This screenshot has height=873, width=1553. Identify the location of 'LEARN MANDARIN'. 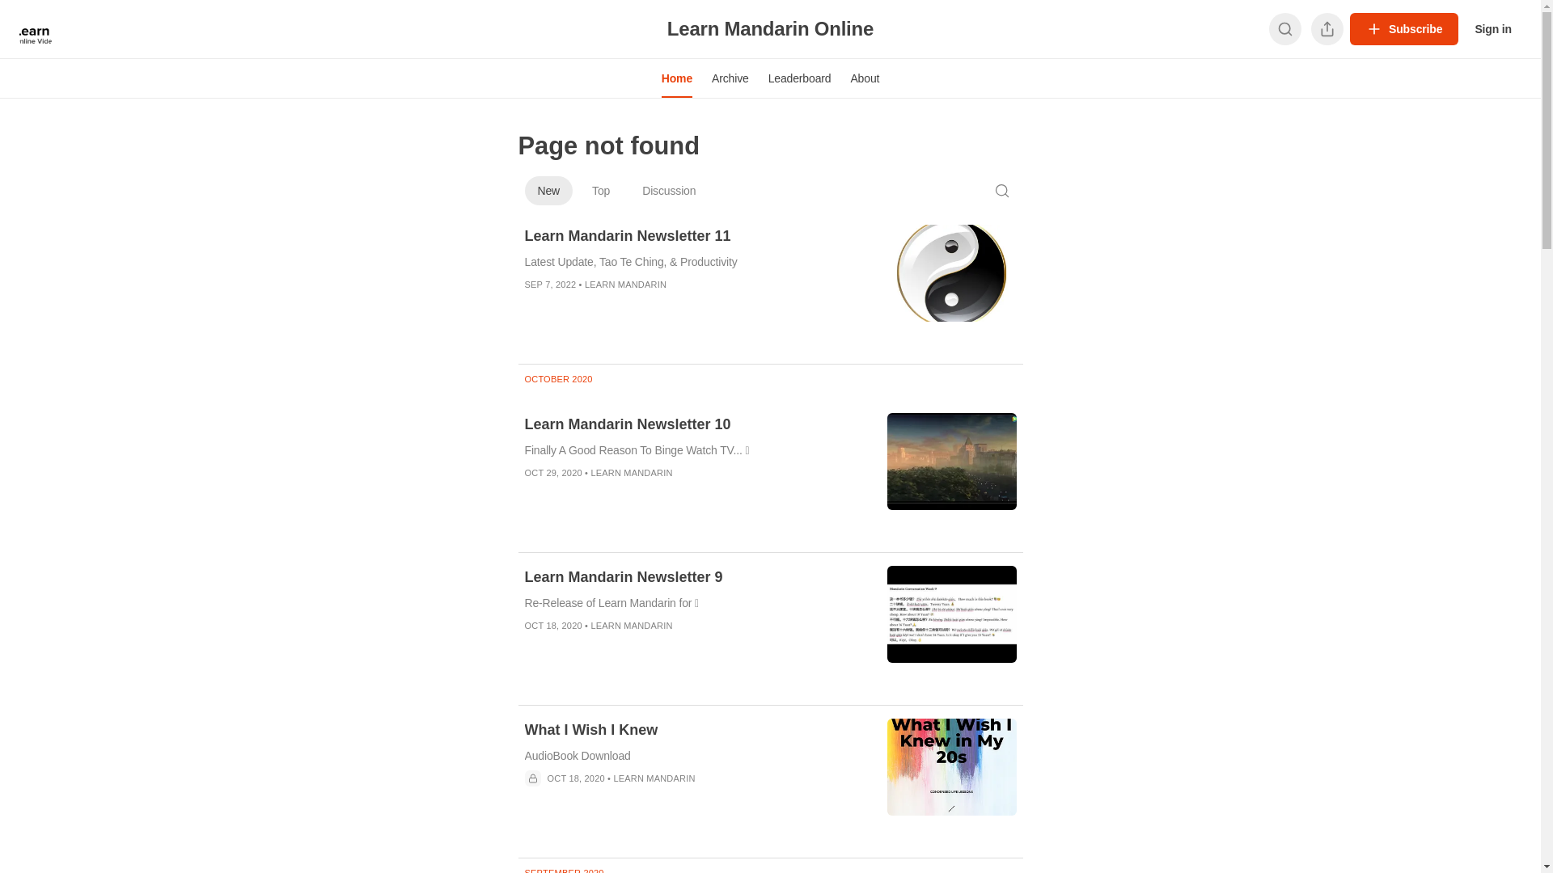
(654, 778).